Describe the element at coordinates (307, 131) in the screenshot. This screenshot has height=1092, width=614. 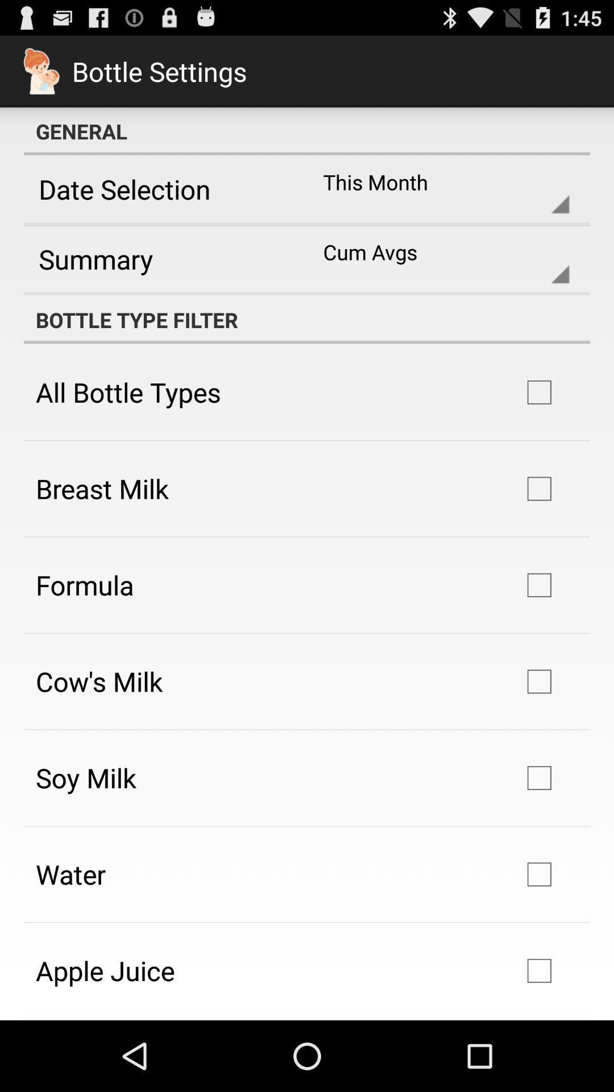
I see `item above date selection app` at that location.